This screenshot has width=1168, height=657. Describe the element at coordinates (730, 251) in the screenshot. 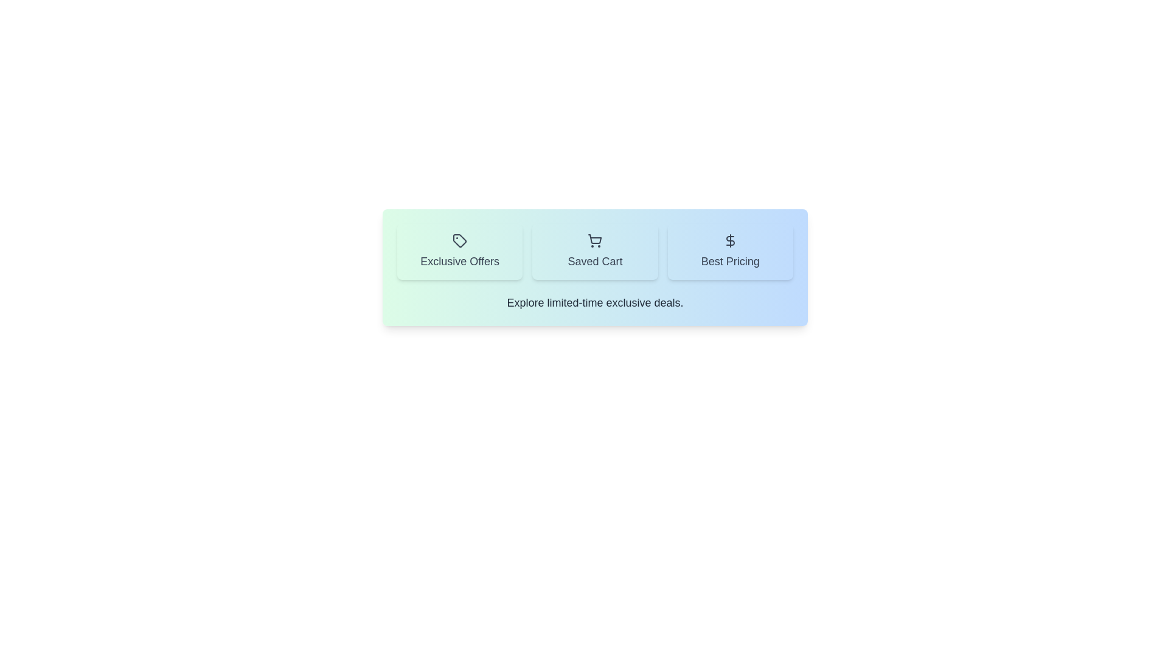

I see `the Best Pricing tab by clicking on its button` at that location.